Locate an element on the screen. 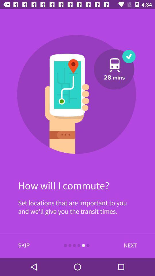  item at the bottom left corner is located at coordinates (24, 245).